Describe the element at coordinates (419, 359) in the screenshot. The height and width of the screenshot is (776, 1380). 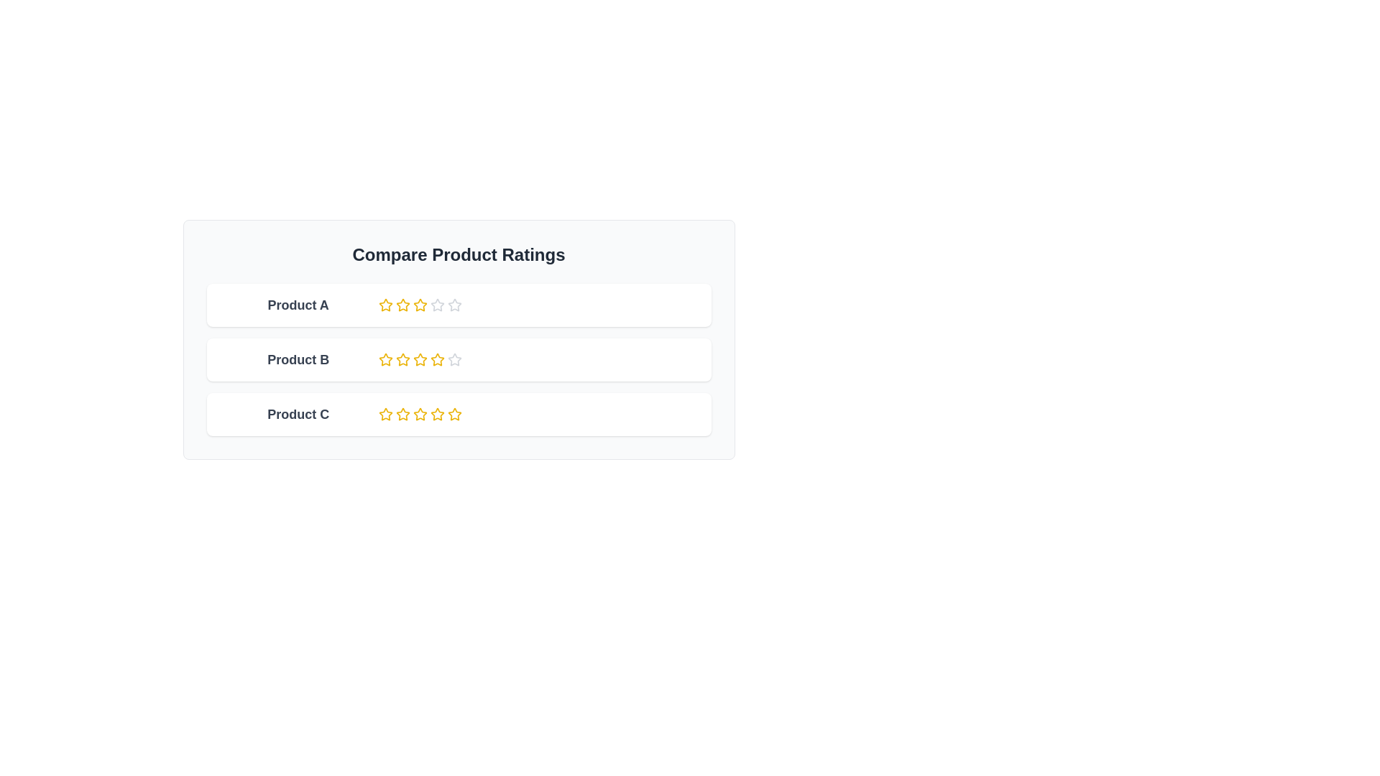
I see `the fifth star icon in the second row of the product rating comparison table for 'Product B'` at that location.